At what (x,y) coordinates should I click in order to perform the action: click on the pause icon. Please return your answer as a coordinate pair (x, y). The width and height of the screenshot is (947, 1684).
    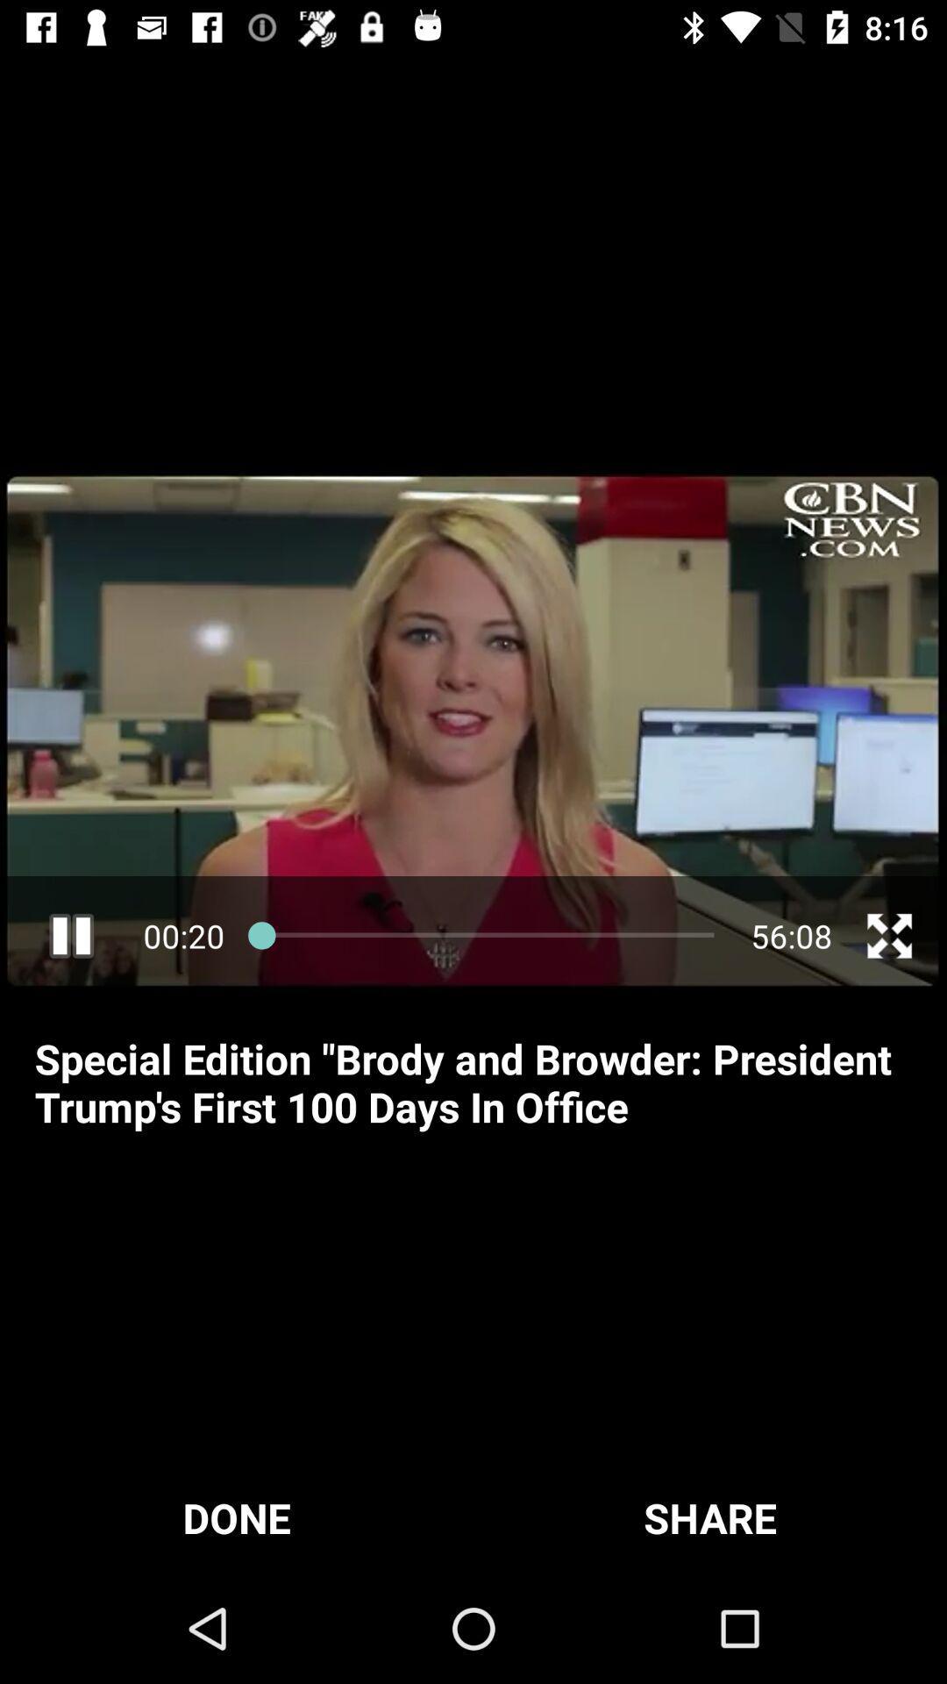
    Looking at the image, I should click on (70, 935).